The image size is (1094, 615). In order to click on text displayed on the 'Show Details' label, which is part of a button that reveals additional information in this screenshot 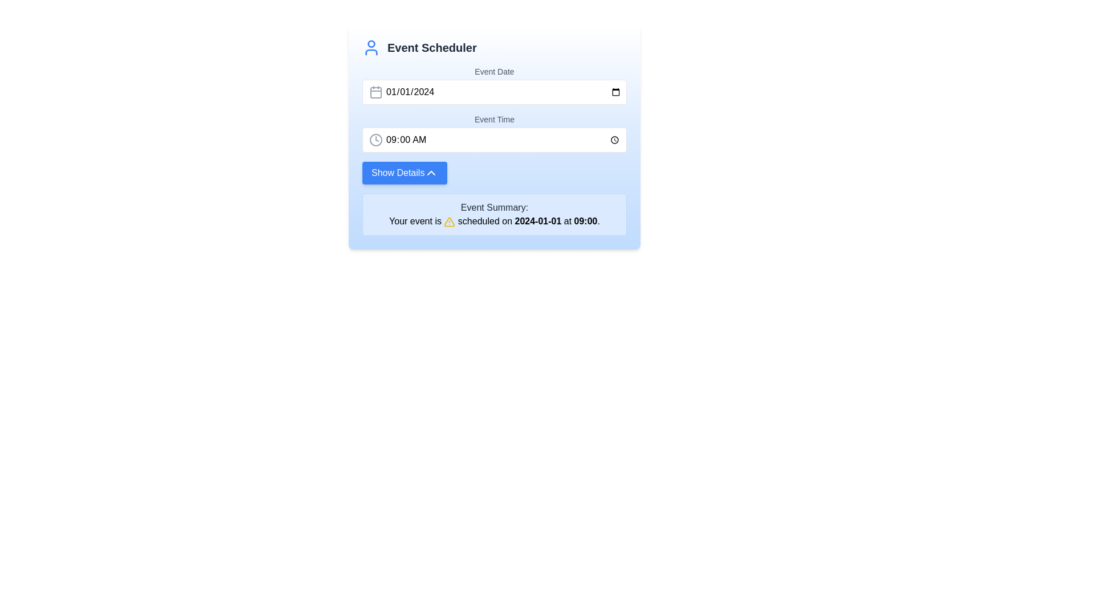, I will do `click(398, 173)`.